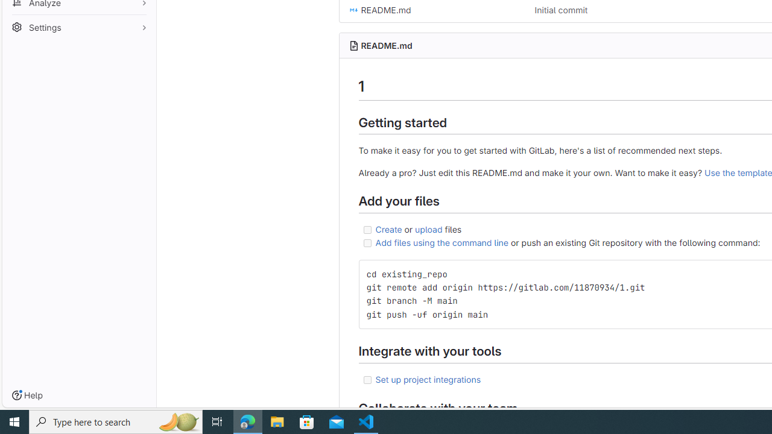 The width and height of the screenshot is (772, 434). Describe the element at coordinates (429, 228) in the screenshot. I see `'upload'` at that location.